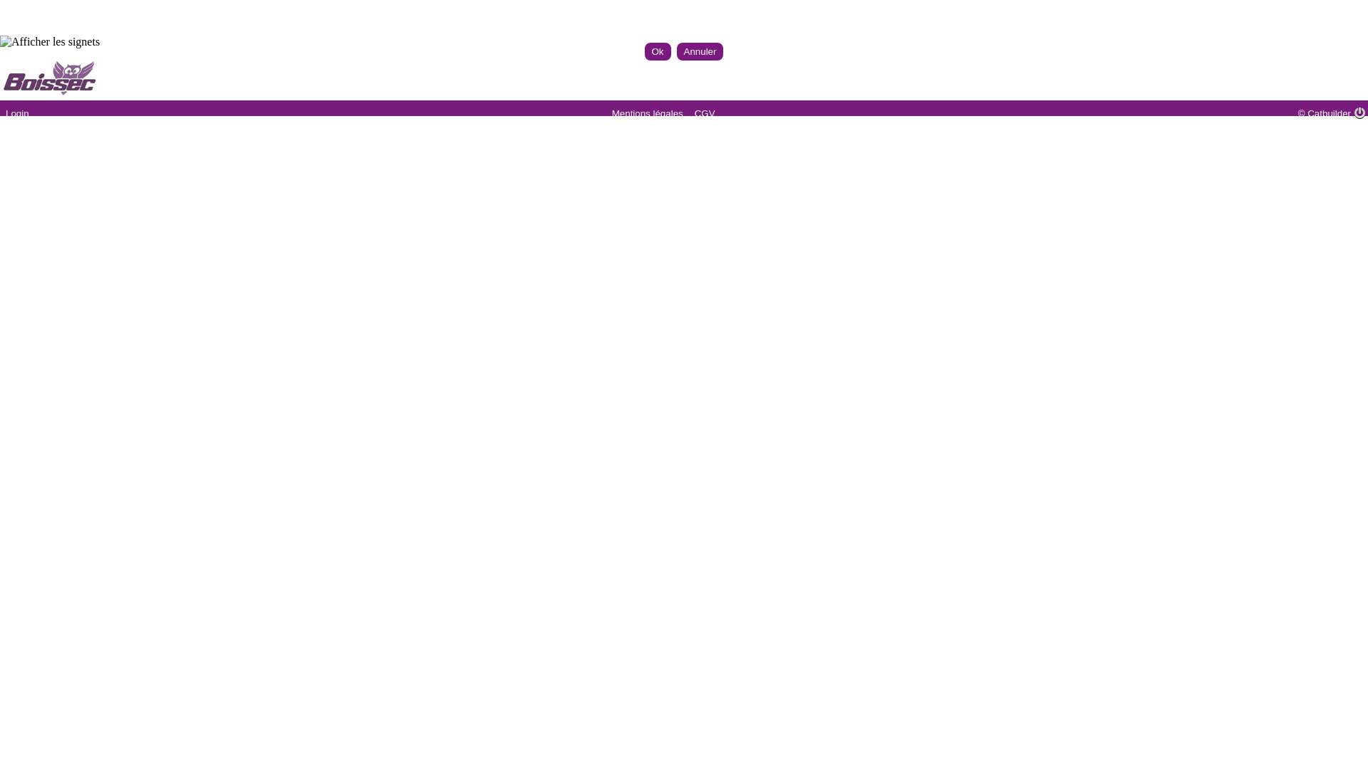 The height and width of the screenshot is (769, 1368). Describe the element at coordinates (700, 51) in the screenshot. I see `'Annuler'` at that location.